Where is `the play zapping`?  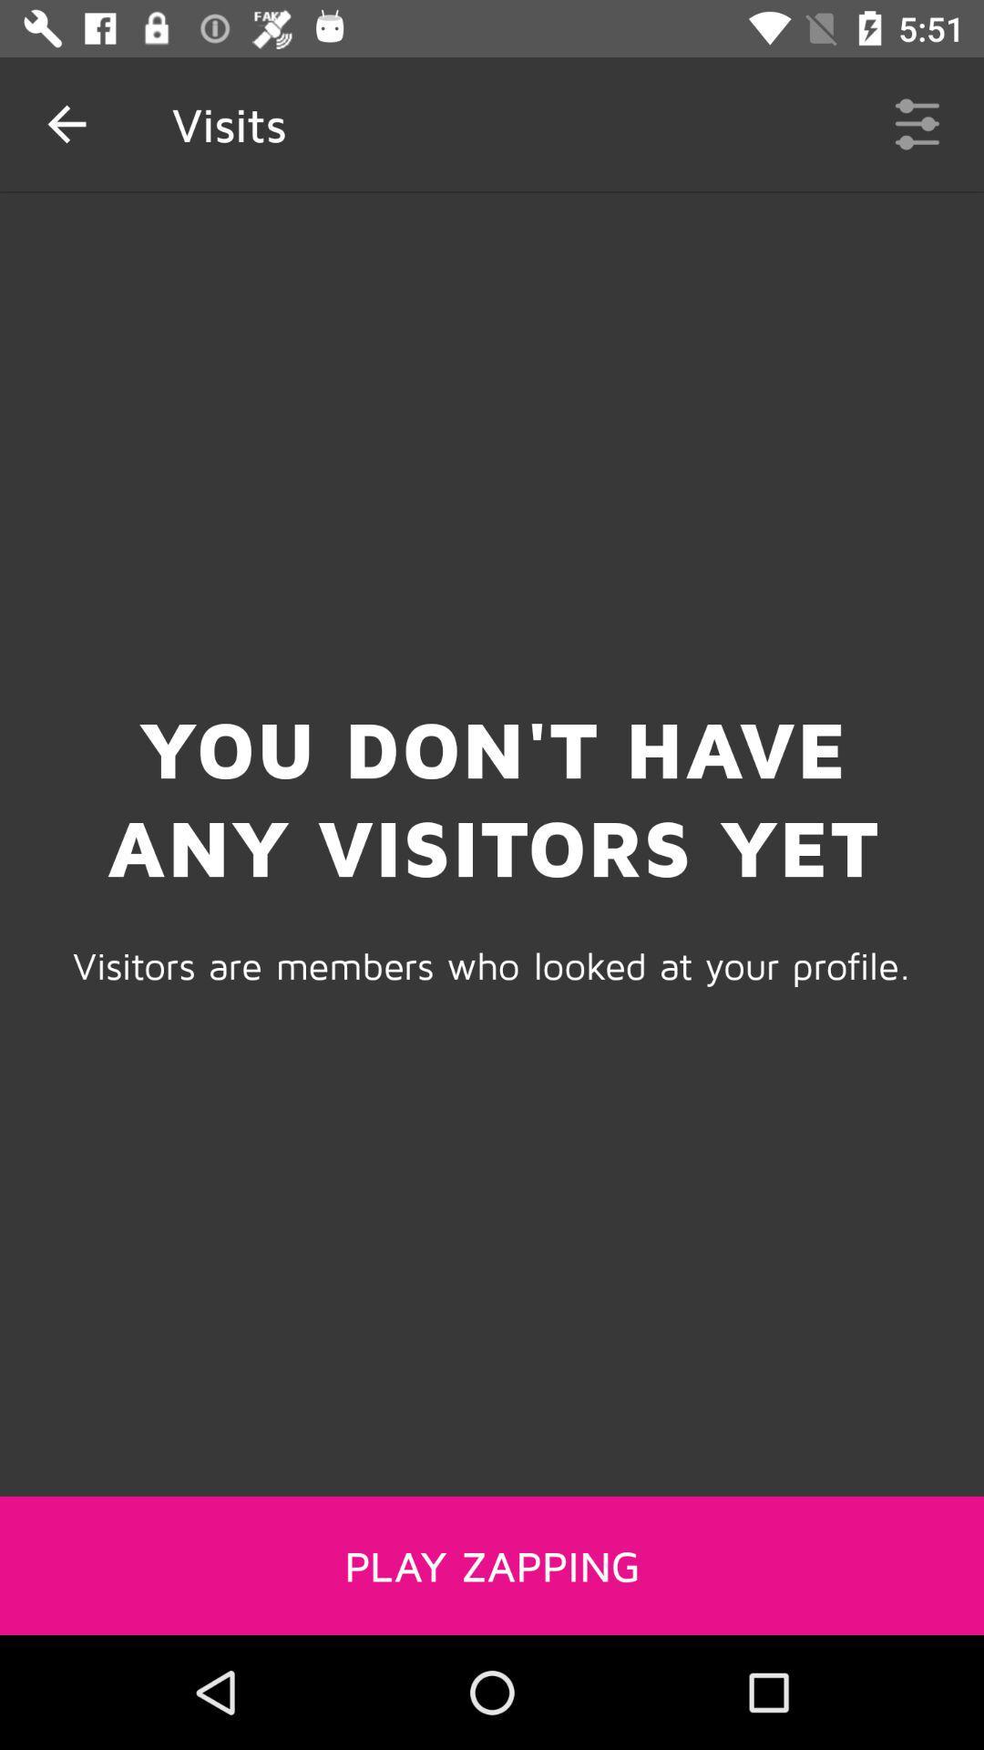 the play zapping is located at coordinates (492, 1564).